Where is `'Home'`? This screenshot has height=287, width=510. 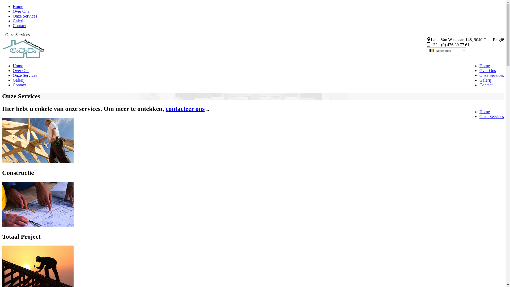
'Home' is located at coordinates (484, 65).